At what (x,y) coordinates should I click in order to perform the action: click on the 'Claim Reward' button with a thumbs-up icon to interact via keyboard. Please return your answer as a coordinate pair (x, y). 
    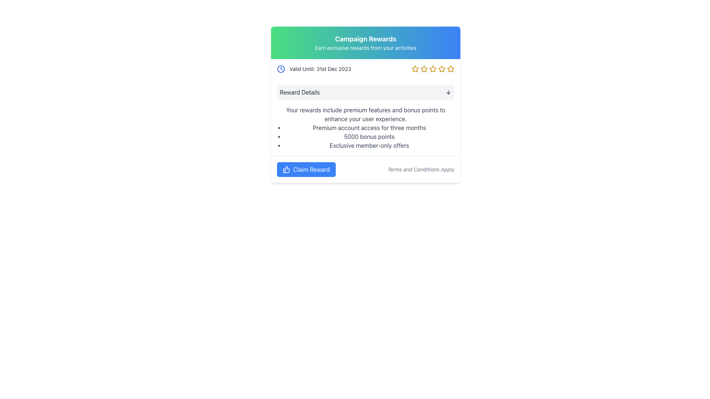
    Looking at the image, I should click on (306, 170).